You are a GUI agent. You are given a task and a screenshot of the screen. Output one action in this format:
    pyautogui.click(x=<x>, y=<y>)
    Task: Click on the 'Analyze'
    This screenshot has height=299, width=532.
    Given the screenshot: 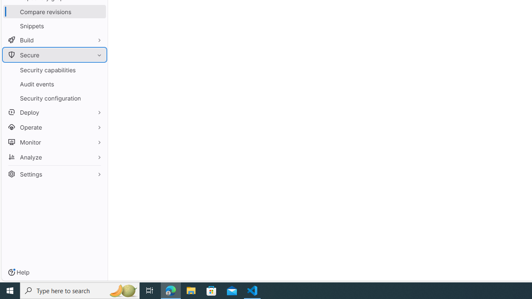 What is the action you would take?
    pyautogui.click(x=54, y=157)
    